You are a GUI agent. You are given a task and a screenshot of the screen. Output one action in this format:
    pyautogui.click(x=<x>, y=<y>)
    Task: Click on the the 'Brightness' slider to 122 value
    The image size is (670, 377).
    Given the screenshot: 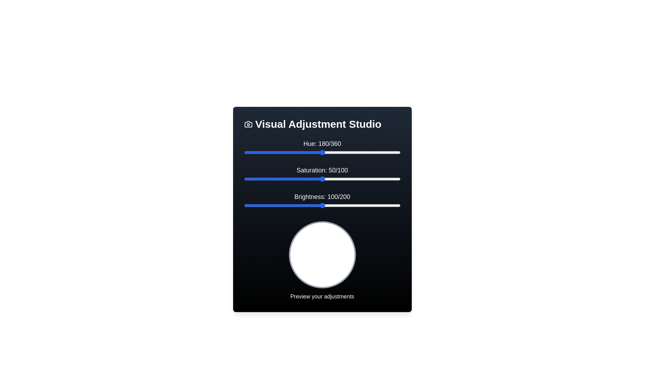 What is the action you would take?
    pyautogui.click(x=339, y=205)
    